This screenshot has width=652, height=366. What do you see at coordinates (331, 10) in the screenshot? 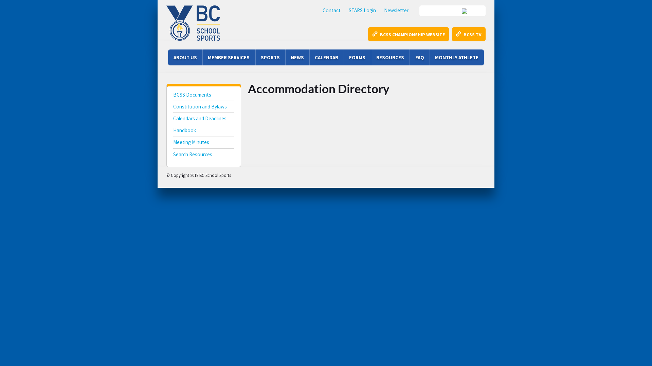
I see `'Contact'` at bounding box center [331, 10].